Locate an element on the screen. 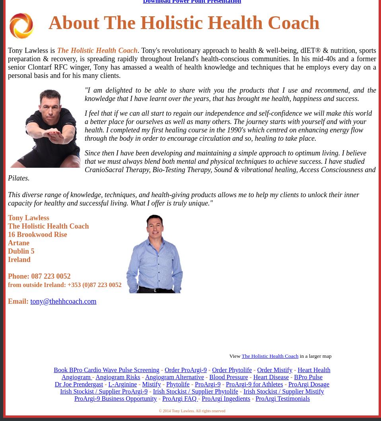 The height and width of the screenshot is (421, 381). 'Irish Stockist / Supplier Mistify' is located at coordinates (283, 390).